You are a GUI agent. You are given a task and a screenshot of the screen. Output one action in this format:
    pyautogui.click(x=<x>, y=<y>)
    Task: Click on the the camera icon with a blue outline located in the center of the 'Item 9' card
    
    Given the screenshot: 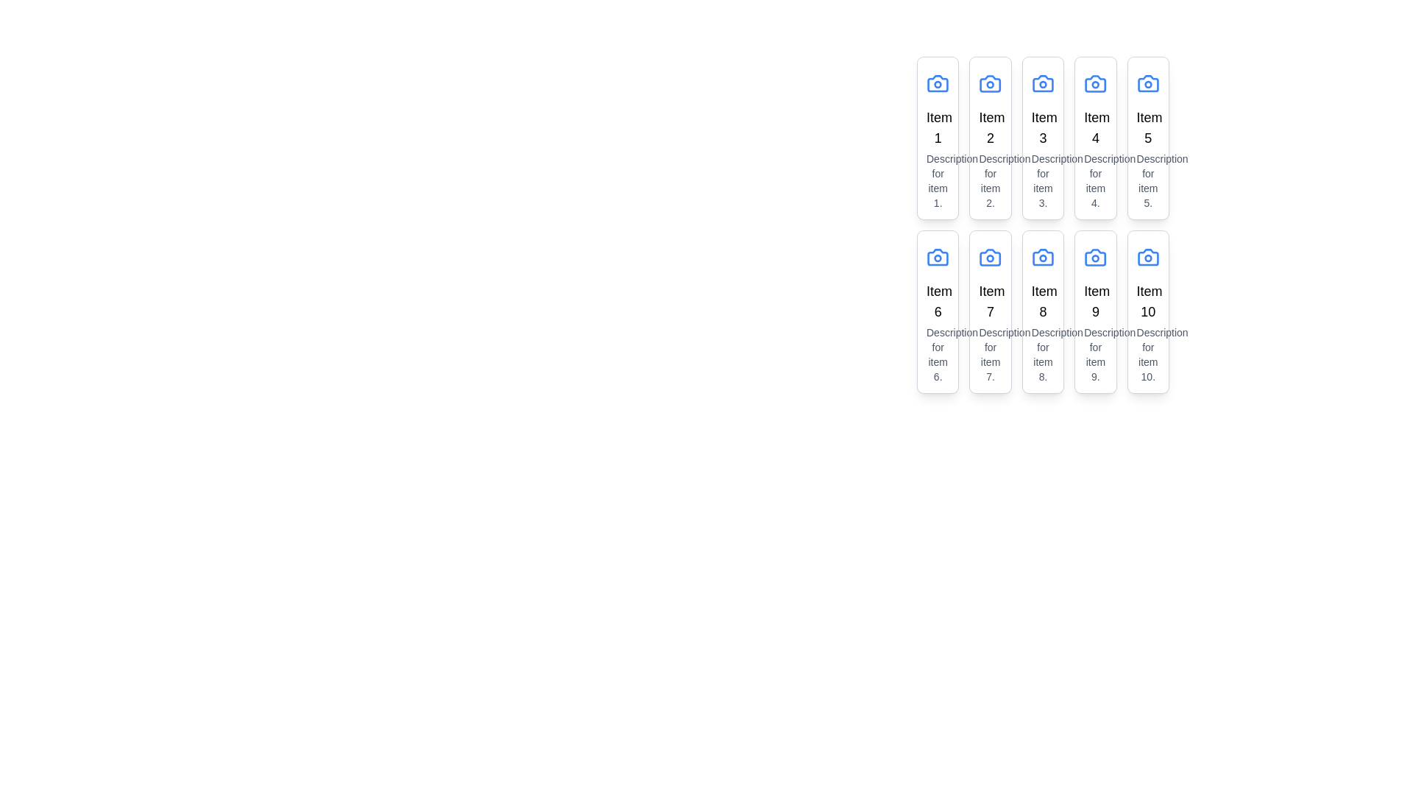 What is the action you would take?
    pyautogui.click(x=1095, y=257)
    